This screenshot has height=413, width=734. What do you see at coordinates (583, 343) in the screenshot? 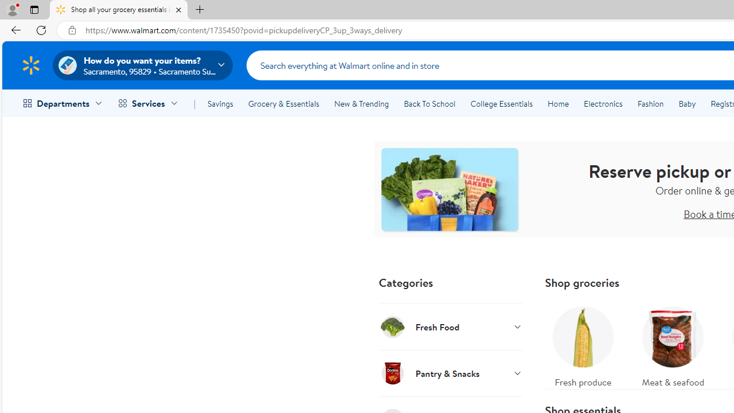
I see `'Fresh produce'` at bounding box center [583, 343].